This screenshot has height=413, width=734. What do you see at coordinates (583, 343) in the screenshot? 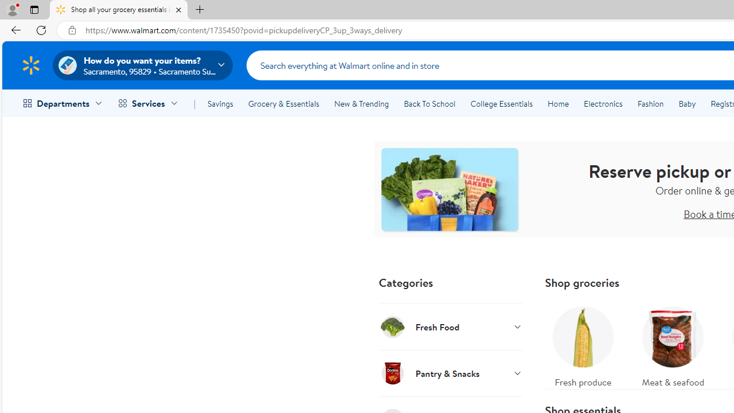
I see `'Fresh produce'` at bounding box center [583, 343].